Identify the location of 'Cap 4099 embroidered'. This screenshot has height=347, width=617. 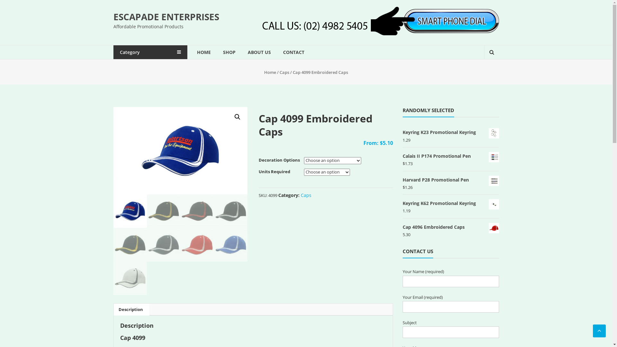
(113, 151).